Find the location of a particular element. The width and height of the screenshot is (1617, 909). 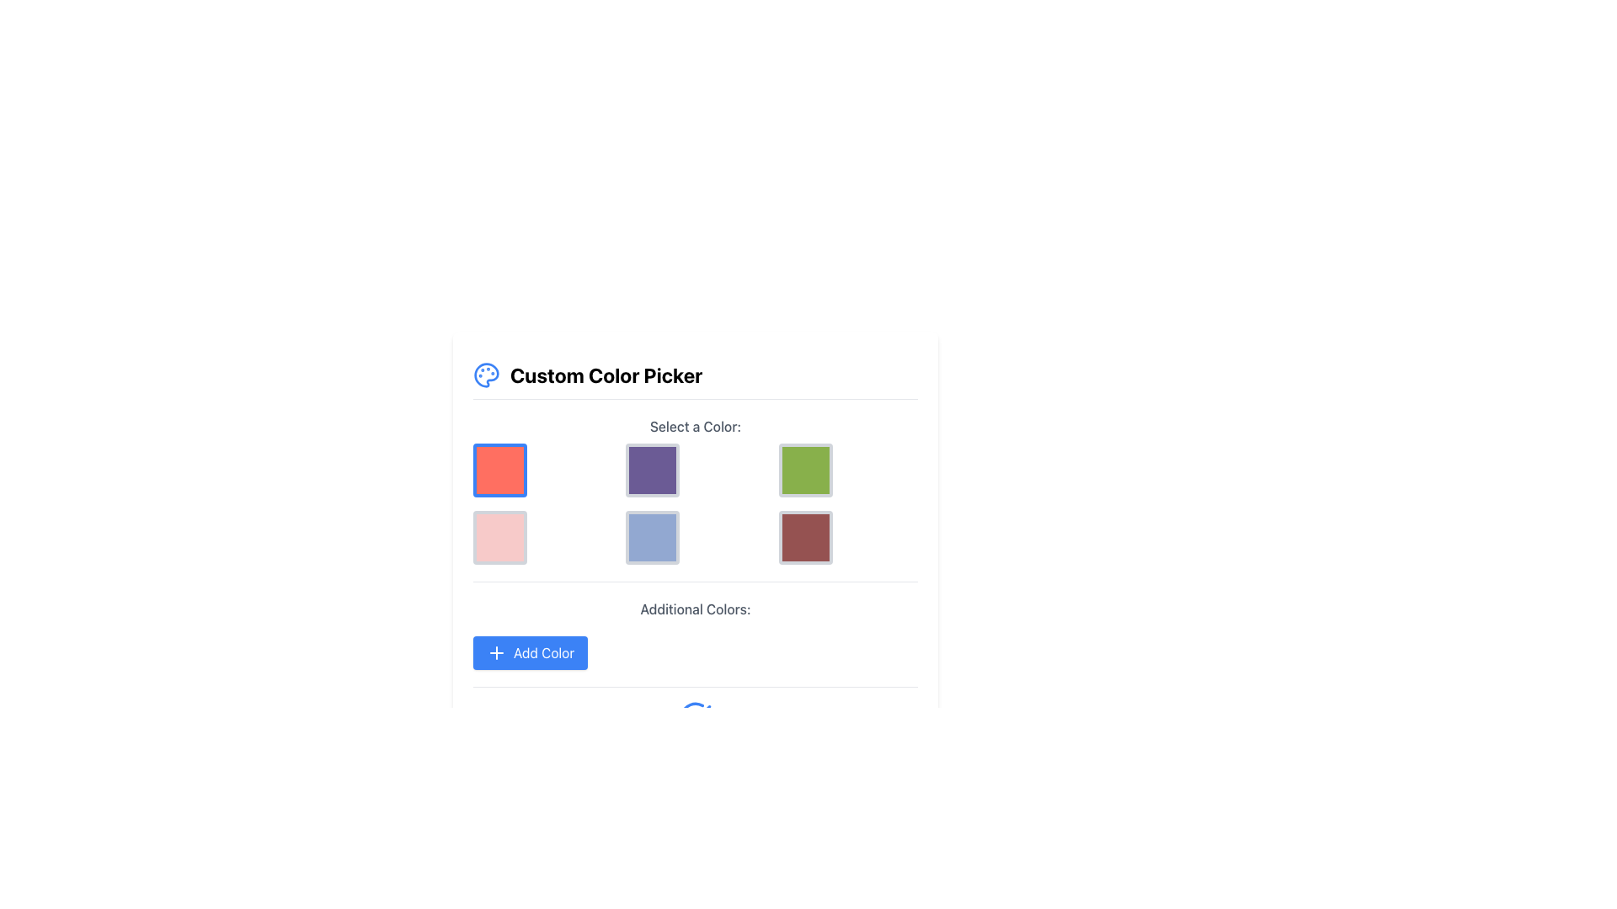

the blue painter's palette icon located to the left of the 'Custom Color Picker' header is located at coordinates (485, 375).